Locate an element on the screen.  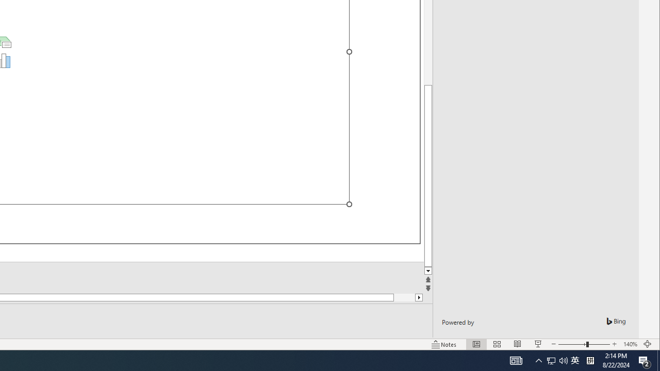
'Zoom 140%' is located at coordinates (630, 344).